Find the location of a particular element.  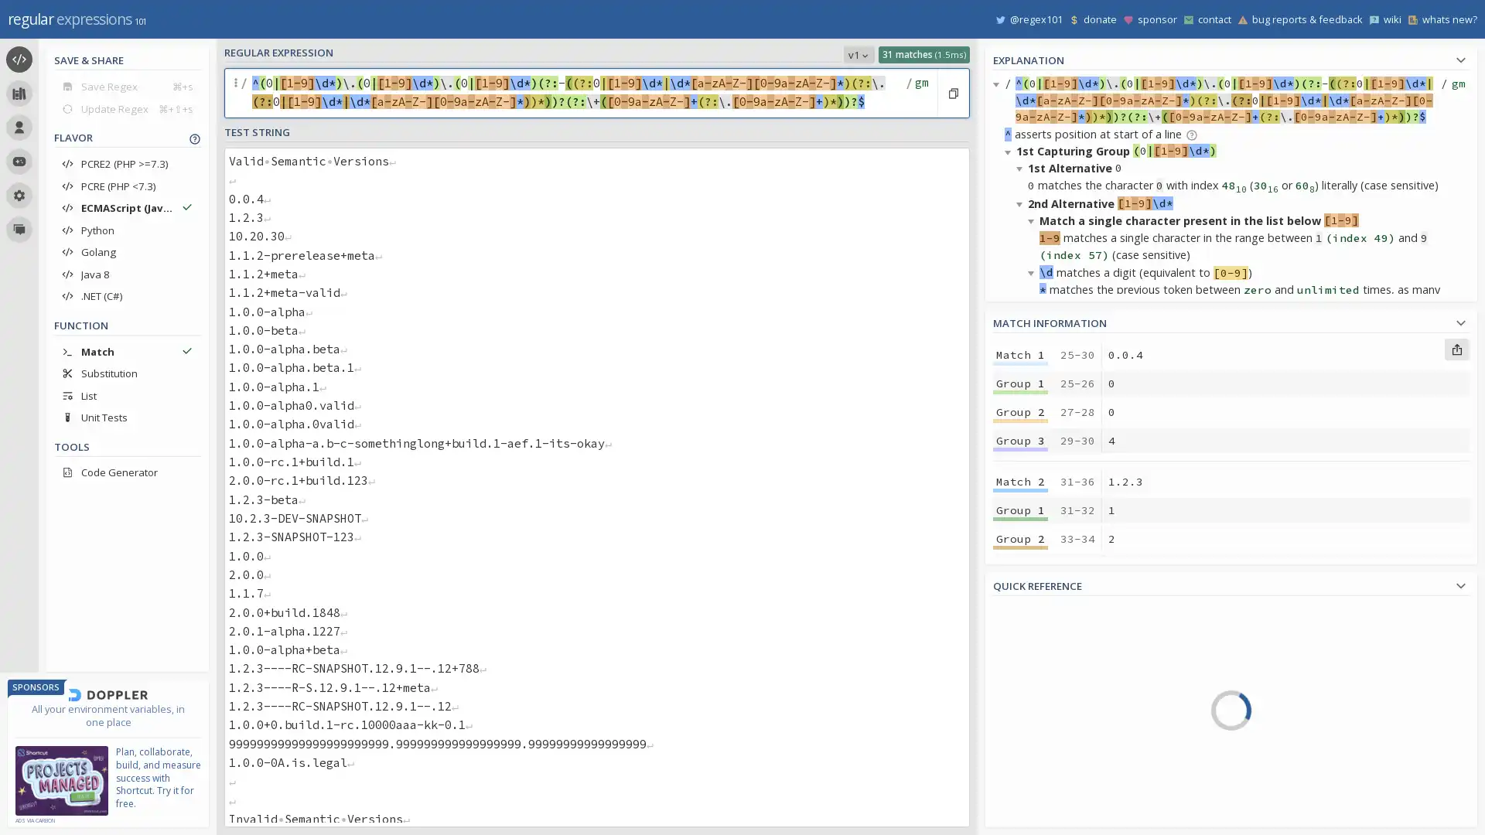

MATCH INFORMATION is located at coordinates (1231, 320).